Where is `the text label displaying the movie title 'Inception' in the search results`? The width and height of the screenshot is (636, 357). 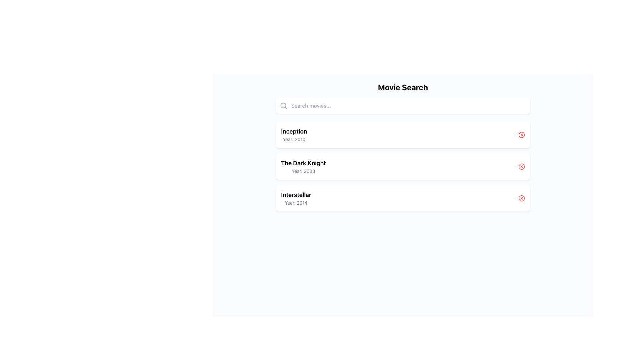 the text label displaying the movie title 'Inception' in the search results is located at coordinates (293, 131).